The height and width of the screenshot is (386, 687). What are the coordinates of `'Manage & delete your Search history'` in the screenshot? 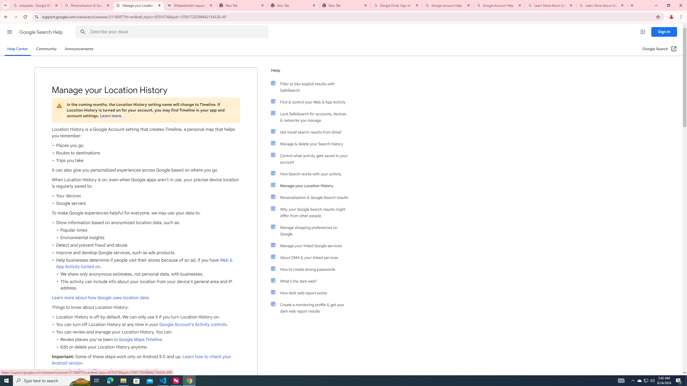 It's located at (312, 144).